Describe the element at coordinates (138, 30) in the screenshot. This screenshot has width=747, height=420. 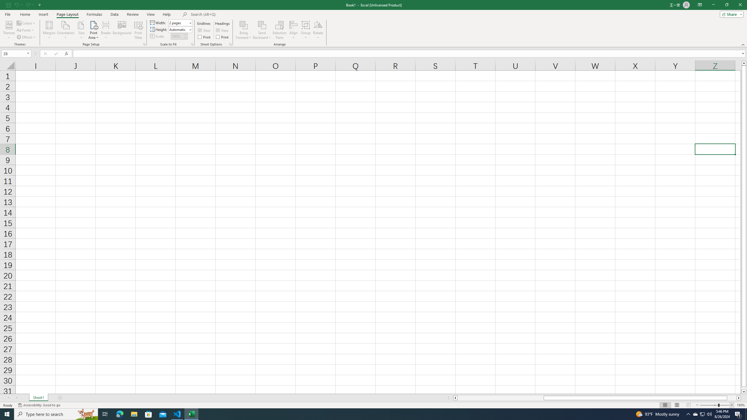
I see `'Print Titles'` at that location.